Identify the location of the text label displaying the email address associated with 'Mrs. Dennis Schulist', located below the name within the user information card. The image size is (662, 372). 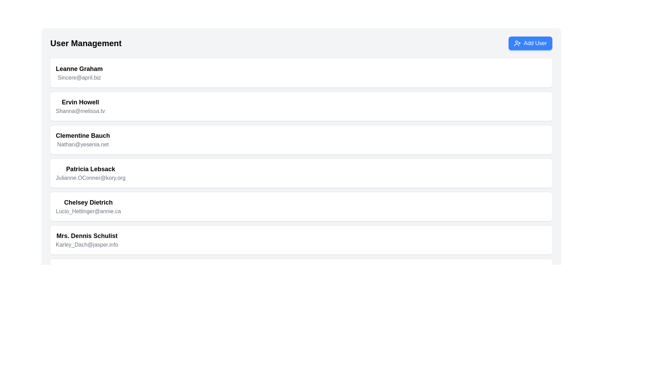
(87, 244).